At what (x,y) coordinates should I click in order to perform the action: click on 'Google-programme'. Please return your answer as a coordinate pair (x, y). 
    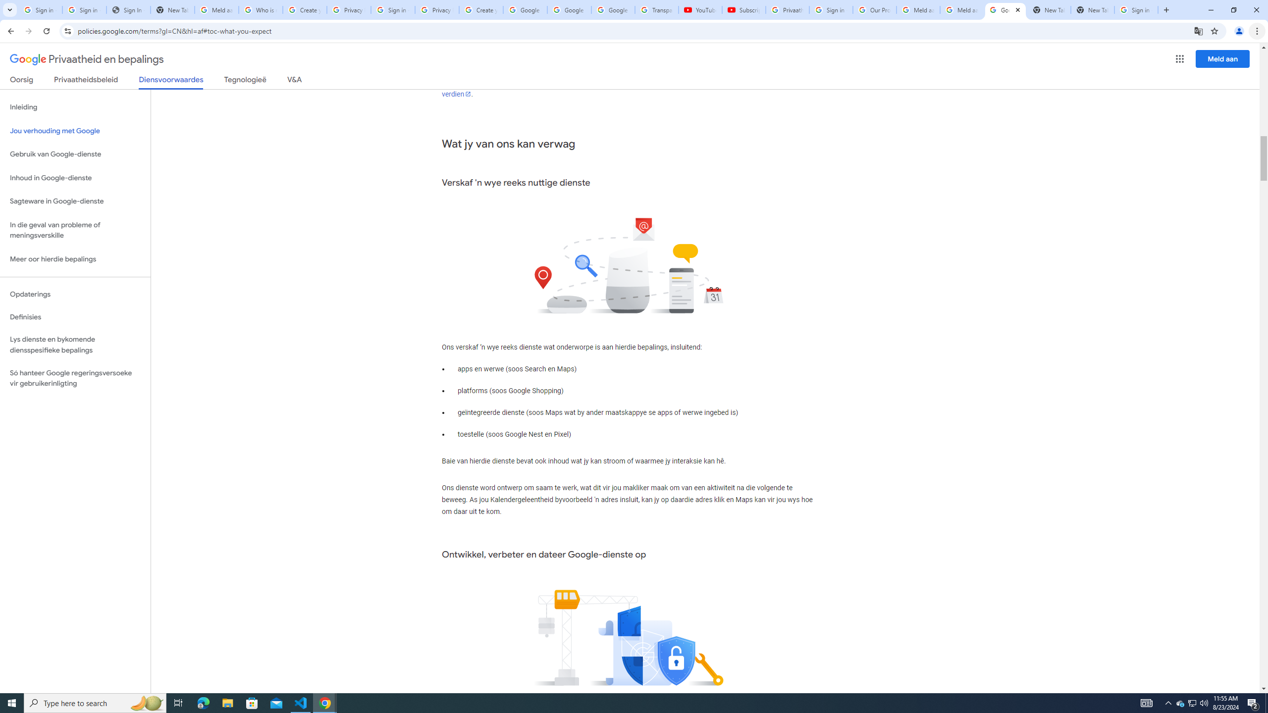
    Looking at the image, I should click on (1180, 58).